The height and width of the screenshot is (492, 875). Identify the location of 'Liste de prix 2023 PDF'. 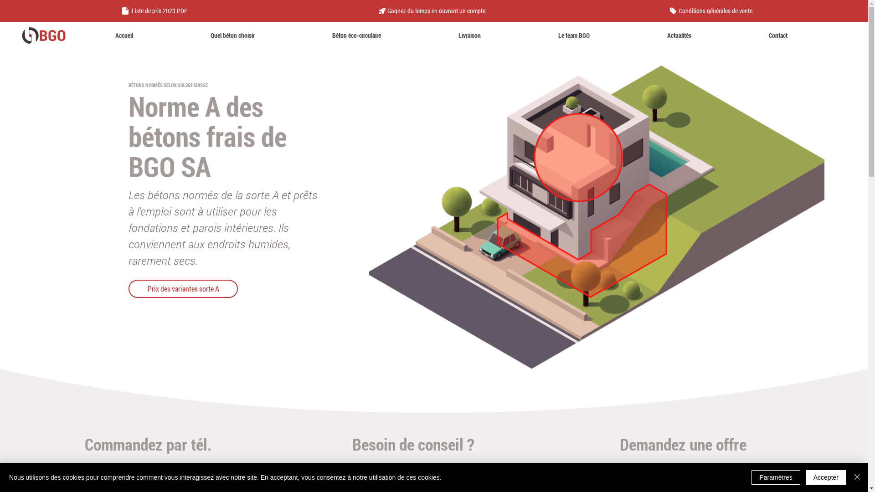
(155, 10).